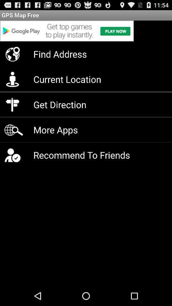 The height and width of the screenshot is (306, 172). I want to click on the location icon, so click(12, 58).